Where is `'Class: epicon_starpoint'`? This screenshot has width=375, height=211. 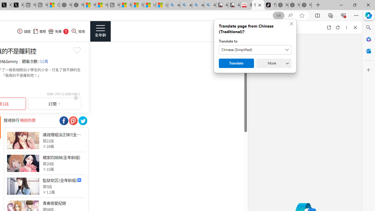 'Class: epicon_starpoint' is located at coordinates (44, 192).